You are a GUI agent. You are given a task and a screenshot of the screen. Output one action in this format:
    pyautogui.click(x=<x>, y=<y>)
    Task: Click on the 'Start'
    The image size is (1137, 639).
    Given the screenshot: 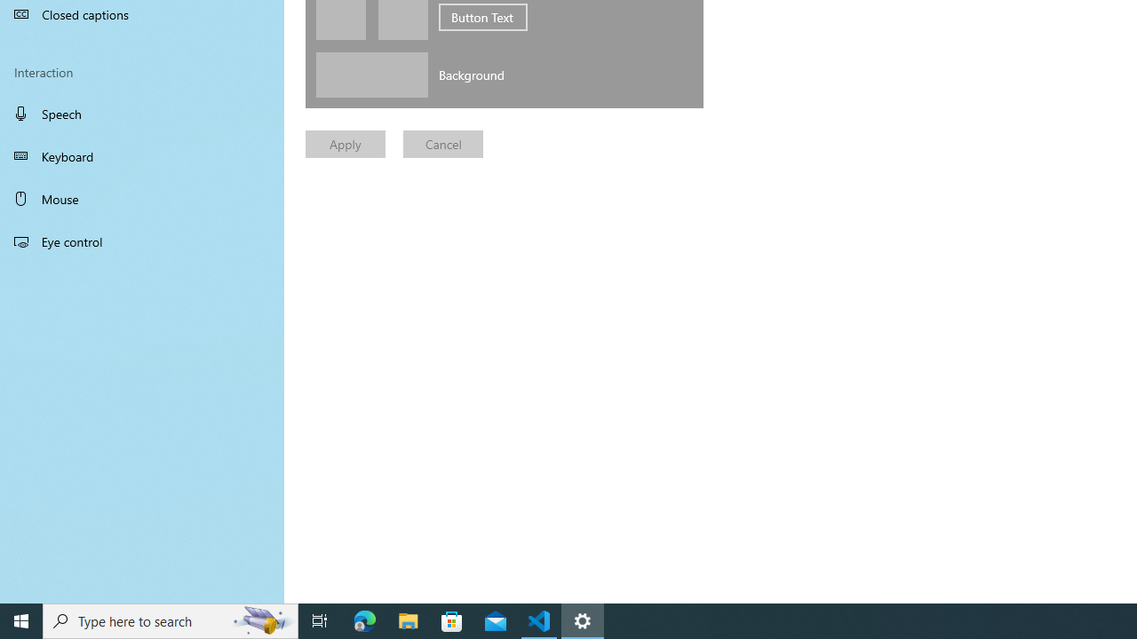 What is the action you would take?
    pyautogui.click(x=21, y=619)
    